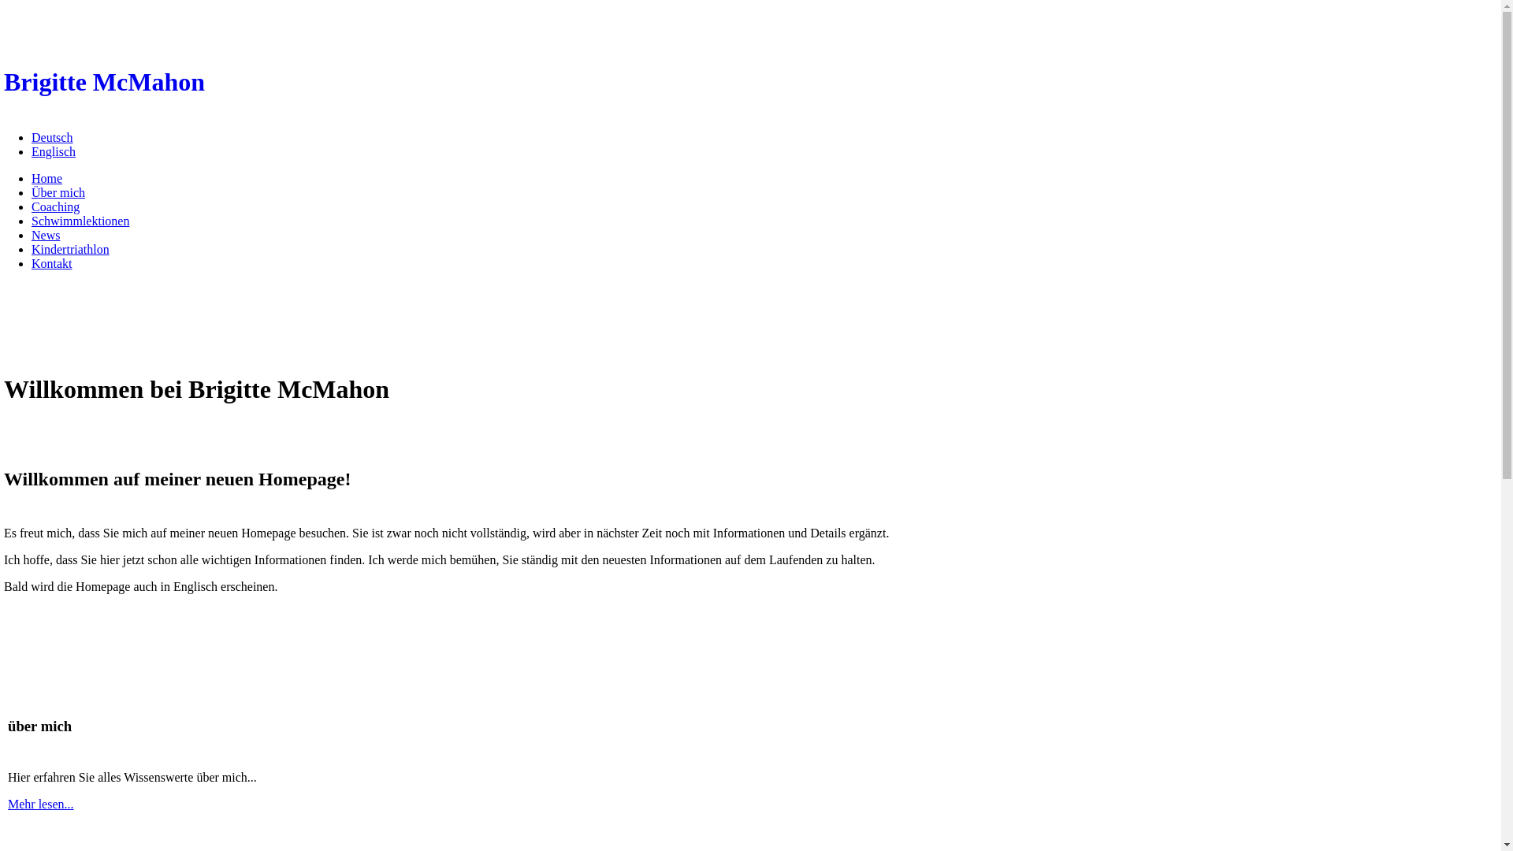 The height and width of the screenshot is (851, 1513). What do you see at coordinates (53, 151) in the screenshot?
I see `'Englisch'` at bounding box center [53, 151].